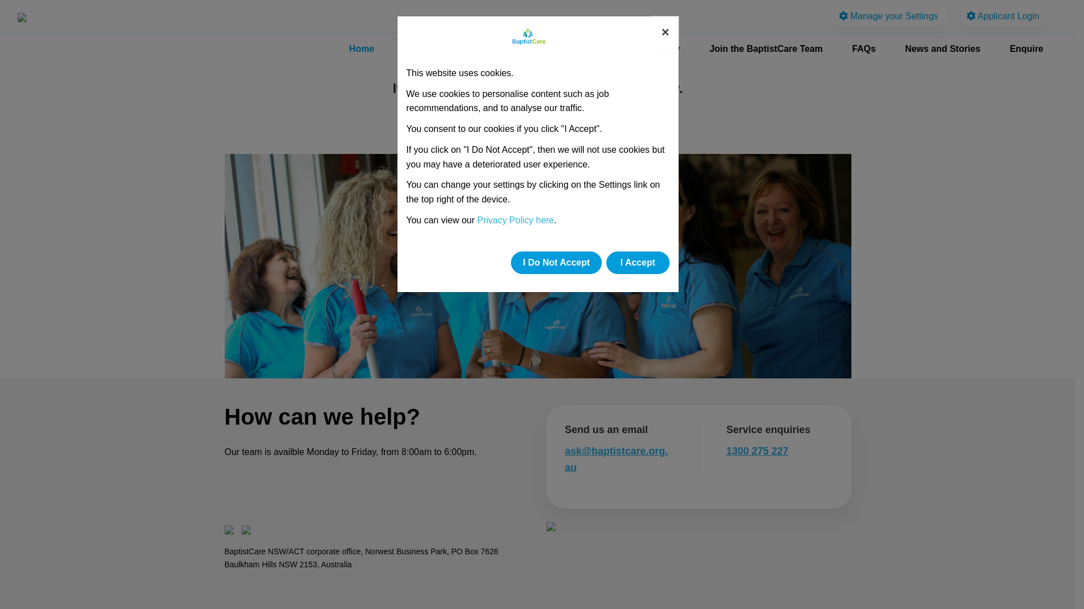 Image resolution: width=1084 pixels, height=609 pixels. What do you see at coordinates (1003, 16) in the screenshot?
I see `'Applicant Login'` at bounding box center [1003, 16].